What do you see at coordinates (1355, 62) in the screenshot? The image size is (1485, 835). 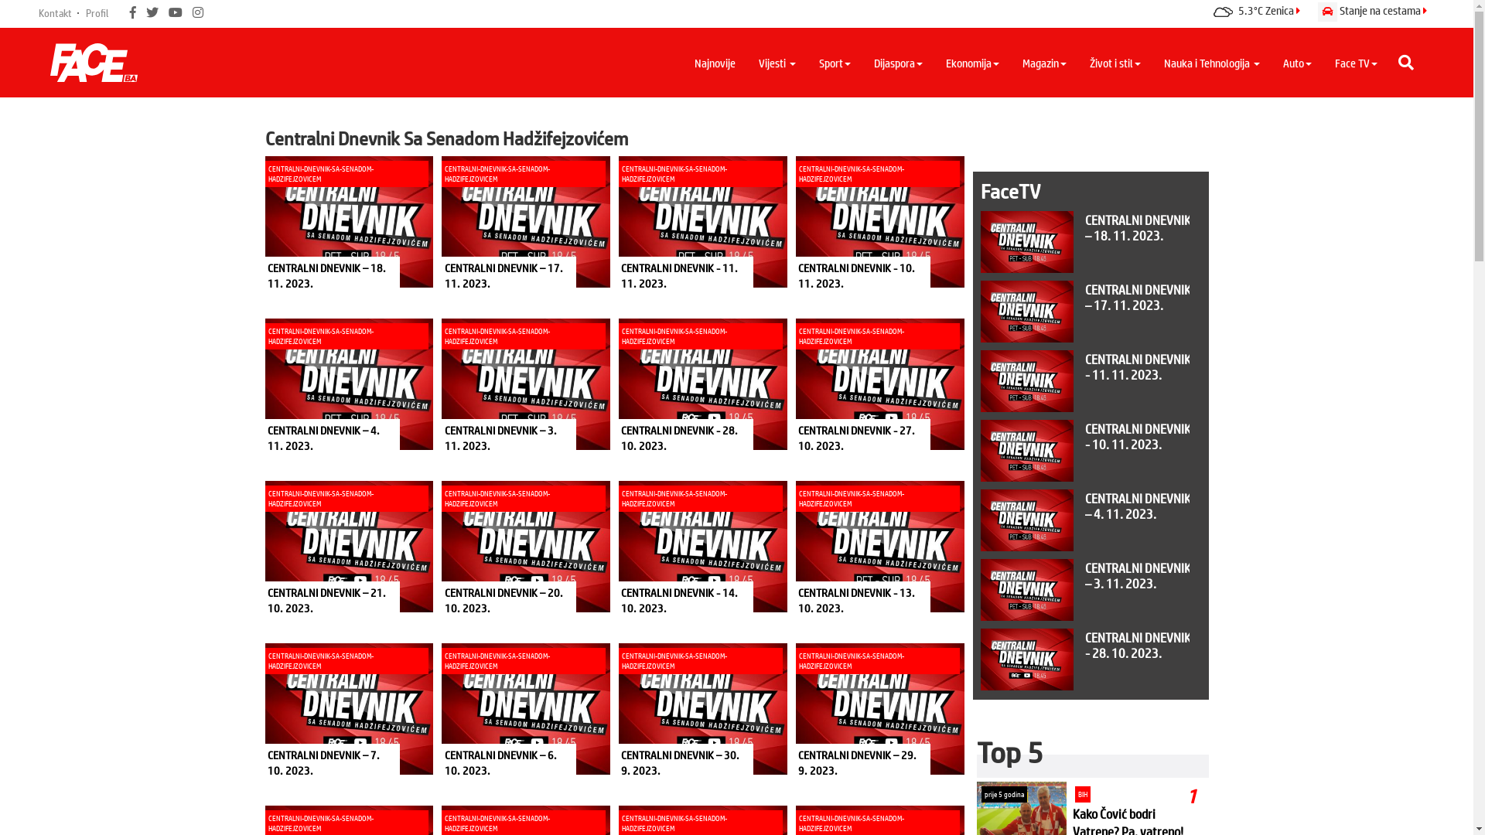 I see `'Face TV'` at bounding box center [1355, 62].